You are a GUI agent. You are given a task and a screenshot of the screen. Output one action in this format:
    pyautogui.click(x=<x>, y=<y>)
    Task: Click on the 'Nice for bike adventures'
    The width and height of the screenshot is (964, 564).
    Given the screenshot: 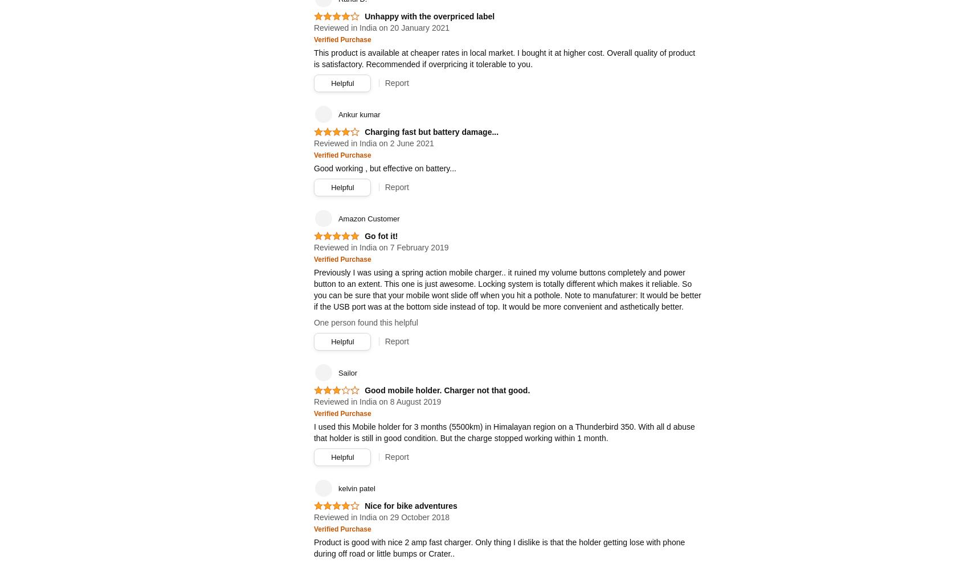 What is the action you would take?
    pyautogui.click(x=365, y=506)
    